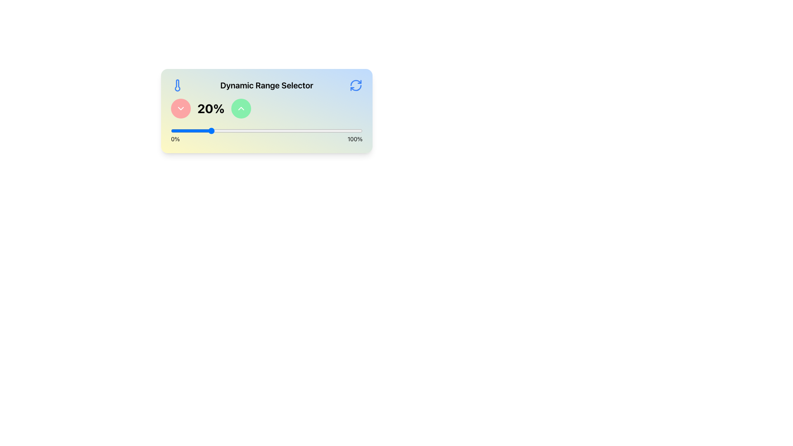 Image resolution: width=793 pixels, height=446 pixels. What do you see at coordinates (356, 85) in the screenshot?
I see `the blue circular arrow icon located in the top-right corner of the card labeled 'Dynamic Range Selector'` at bounding box center [356, 85].